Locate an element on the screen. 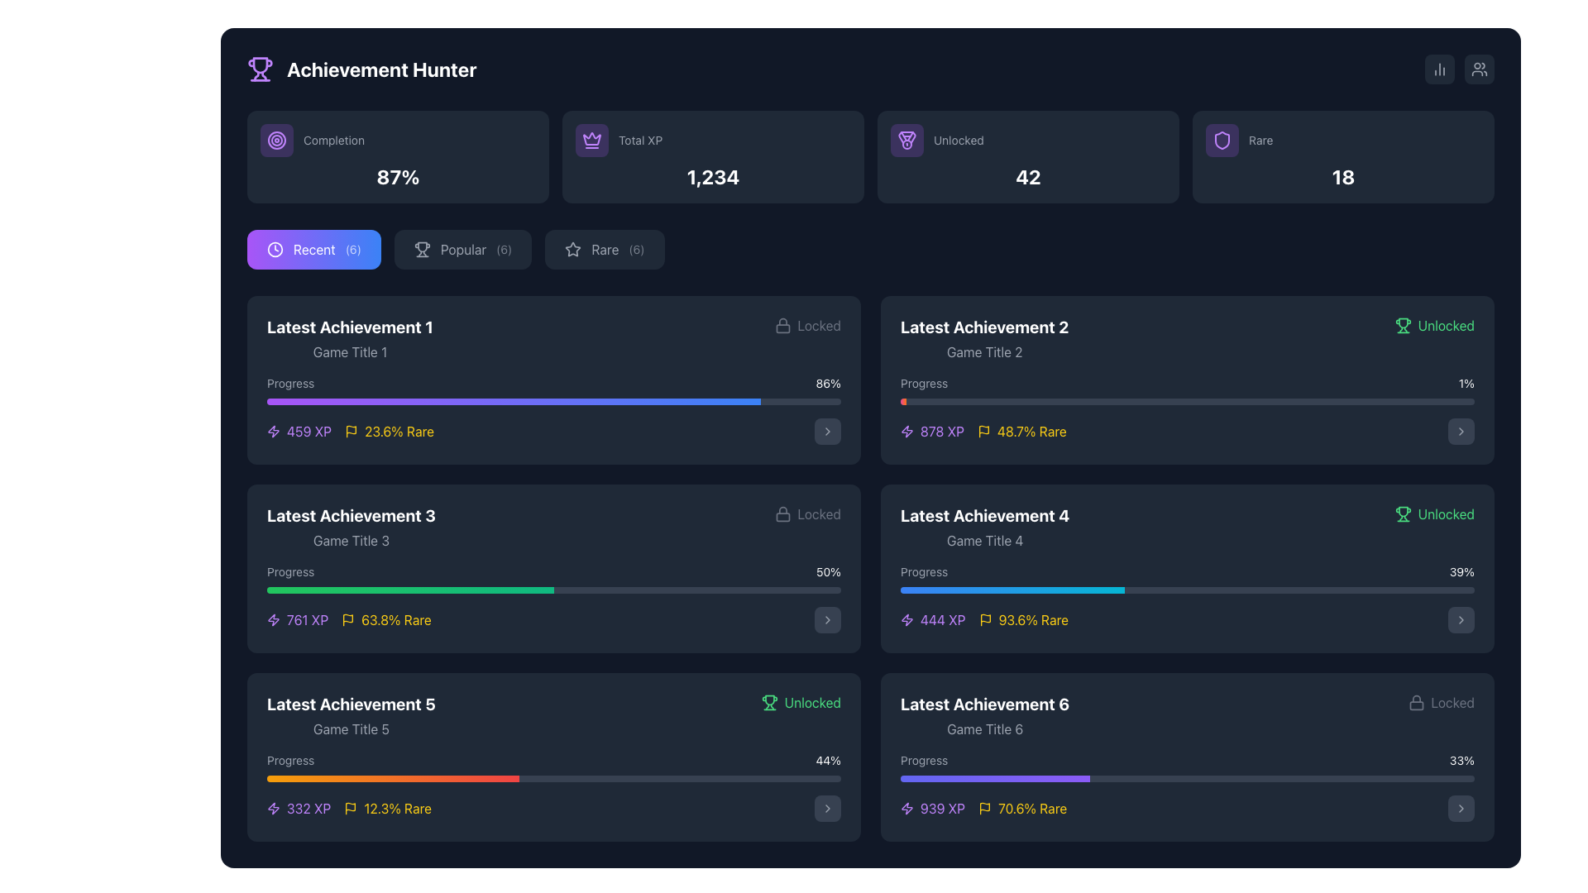 This screenshot has width=1588, height=893. the purple crown icon located in the 'Total XP' box above the numeric value '1,234' is located at coordinates (591, 138).